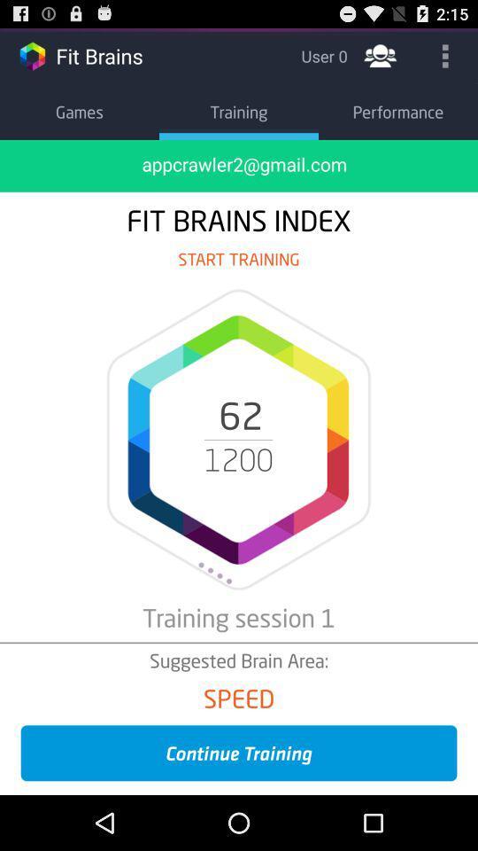 The width and height of the screenshot is (478, 851). What do you see at coordinates (379, 55) in the screenshot?
I see `icon to the right of user 0 item` at bounding box center [379, 55].